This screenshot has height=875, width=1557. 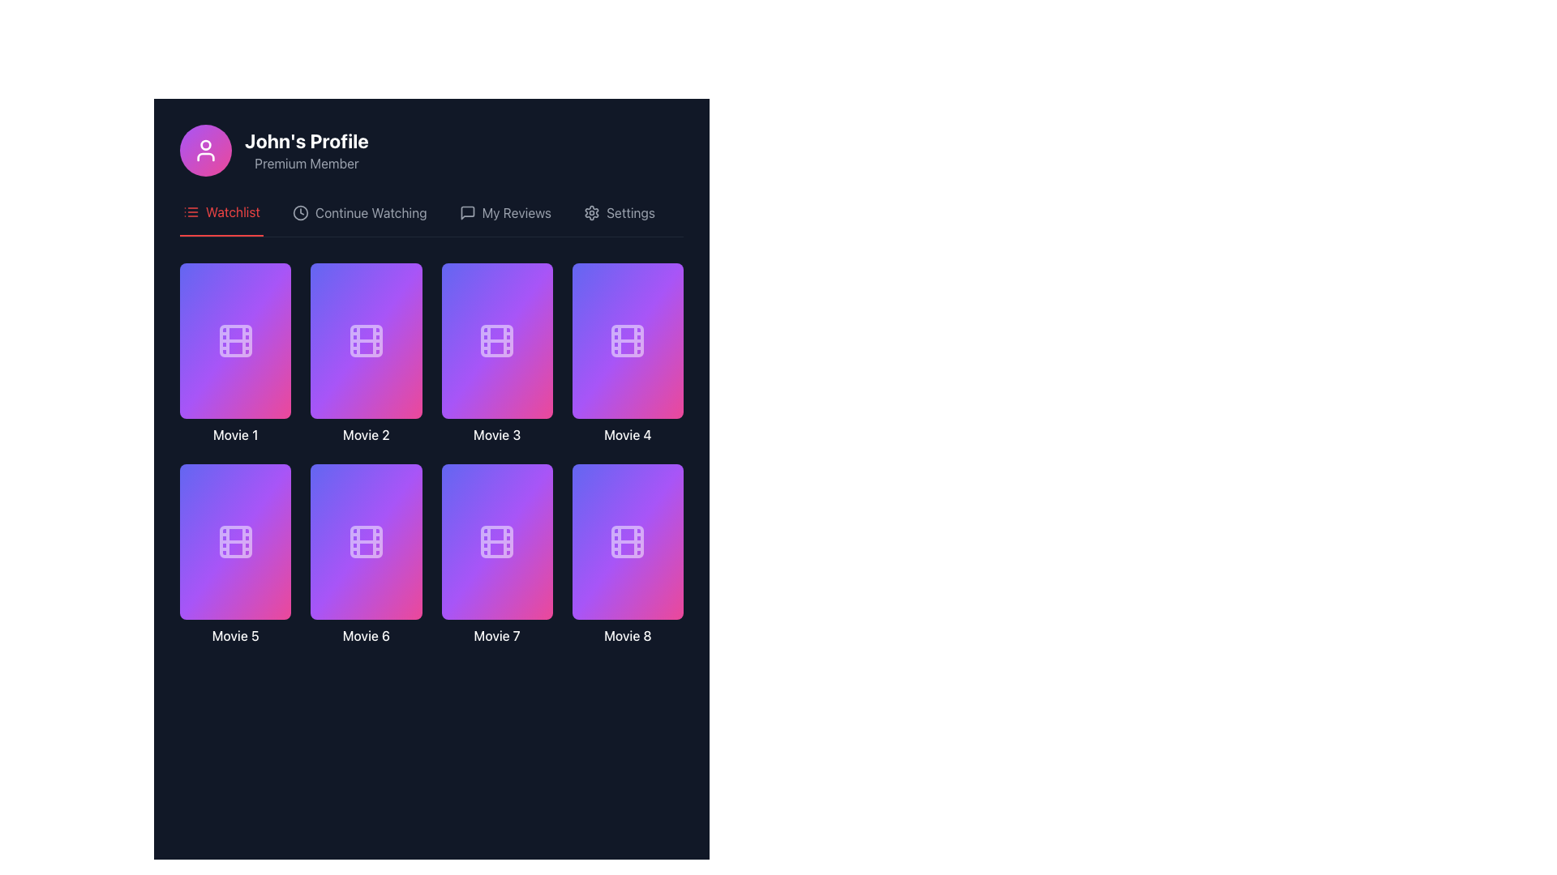 What do you see at coordinates (516, 211) in the screenshot?
I see `the 'My Reviews' text link in the navigation bar` at bounding box center [516, 211].